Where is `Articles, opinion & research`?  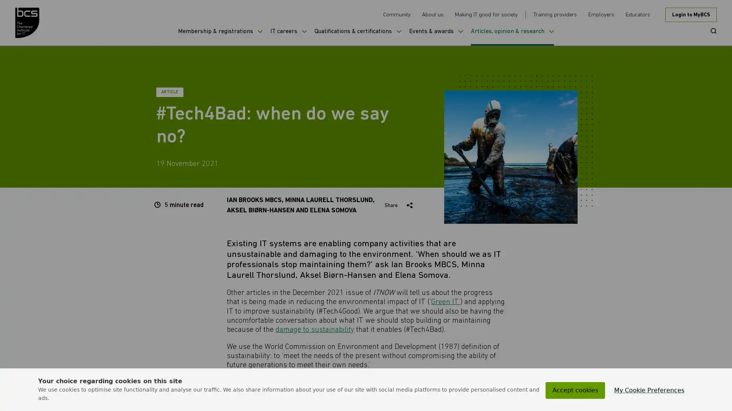
Articles, opinion & research is located at coordinates (512, 37).